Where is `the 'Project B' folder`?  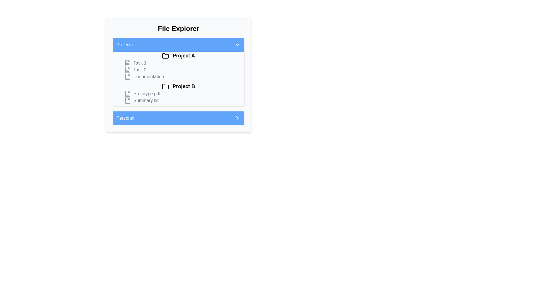 the 'Project B' folder is located at coordinates (178, 93).